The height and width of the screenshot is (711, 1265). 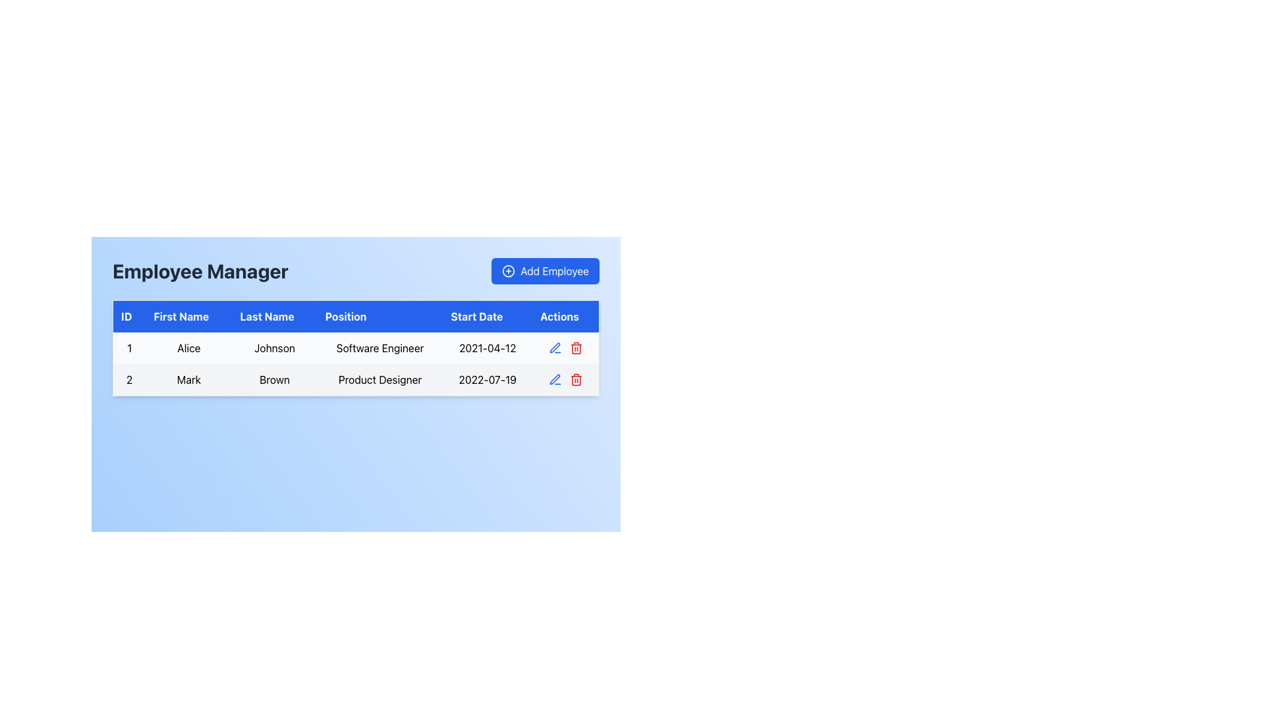 What do you see at coordinates (565, 380) in the screenshot?
I see `the interactive icon within the 'Actions' field of the row for 'Mark Brown' to enable keyboard interaction` at bounding box center [565, 380].